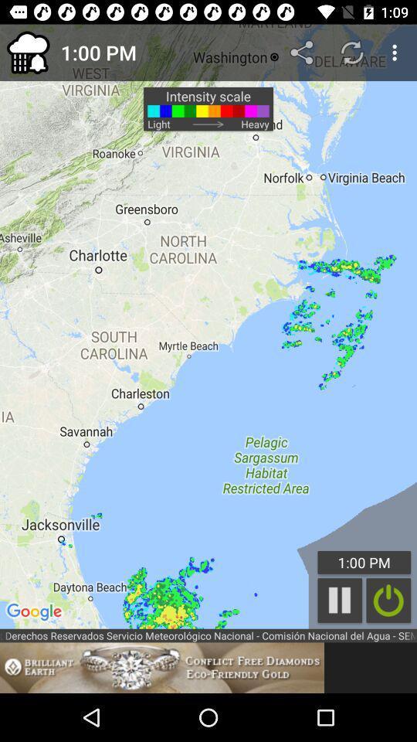 This screenshot has height=742, width=417. What do you see at coordinates (388, 600) in the screenshot?
I see `power button` at bounding box center [388, 600].